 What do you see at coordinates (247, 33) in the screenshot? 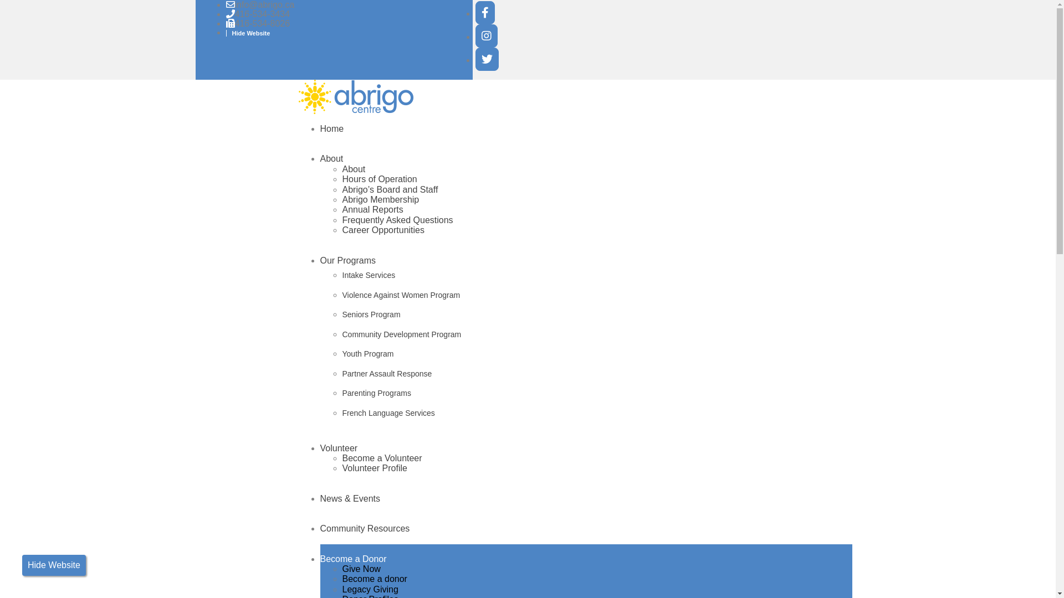
I see `'Hide Website'` at bounding box center [247, 33].